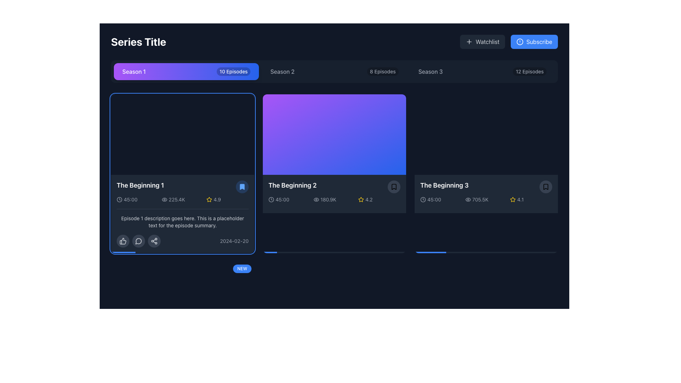  Describe the element at coordinates (282, 71) in the screenshot. I see `the static text label displaying 'Season 2', which is positioned to the right of 'Season 1' in the upper section of the interface` at that location.